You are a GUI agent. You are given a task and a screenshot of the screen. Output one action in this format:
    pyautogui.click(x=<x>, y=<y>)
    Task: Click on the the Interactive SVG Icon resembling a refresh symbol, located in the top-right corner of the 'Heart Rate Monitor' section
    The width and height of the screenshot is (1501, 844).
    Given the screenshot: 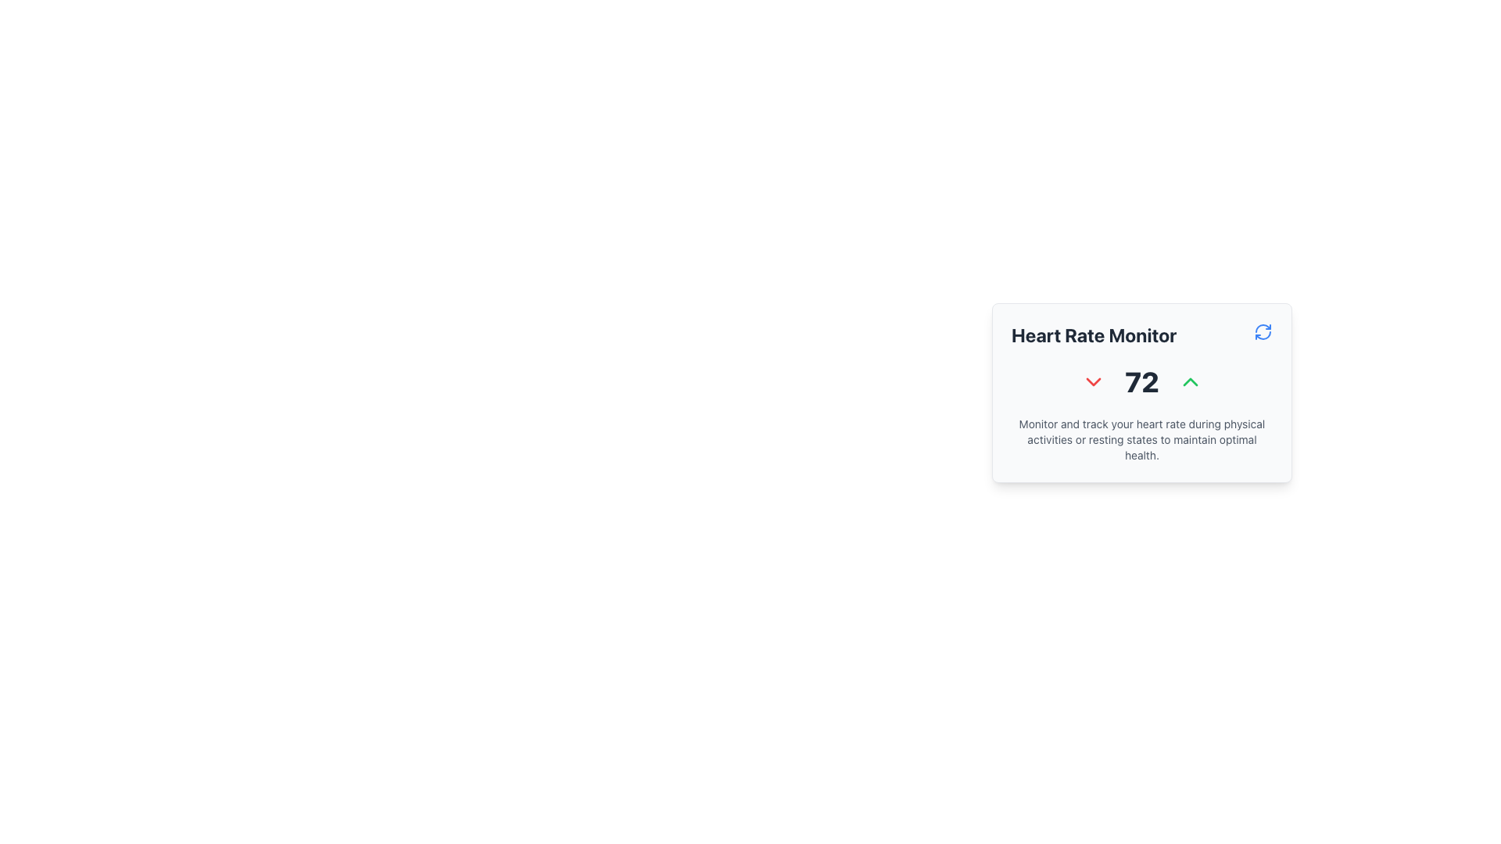 What is the action you would take?
    pyautogui.click(x=1263, y=331)
    